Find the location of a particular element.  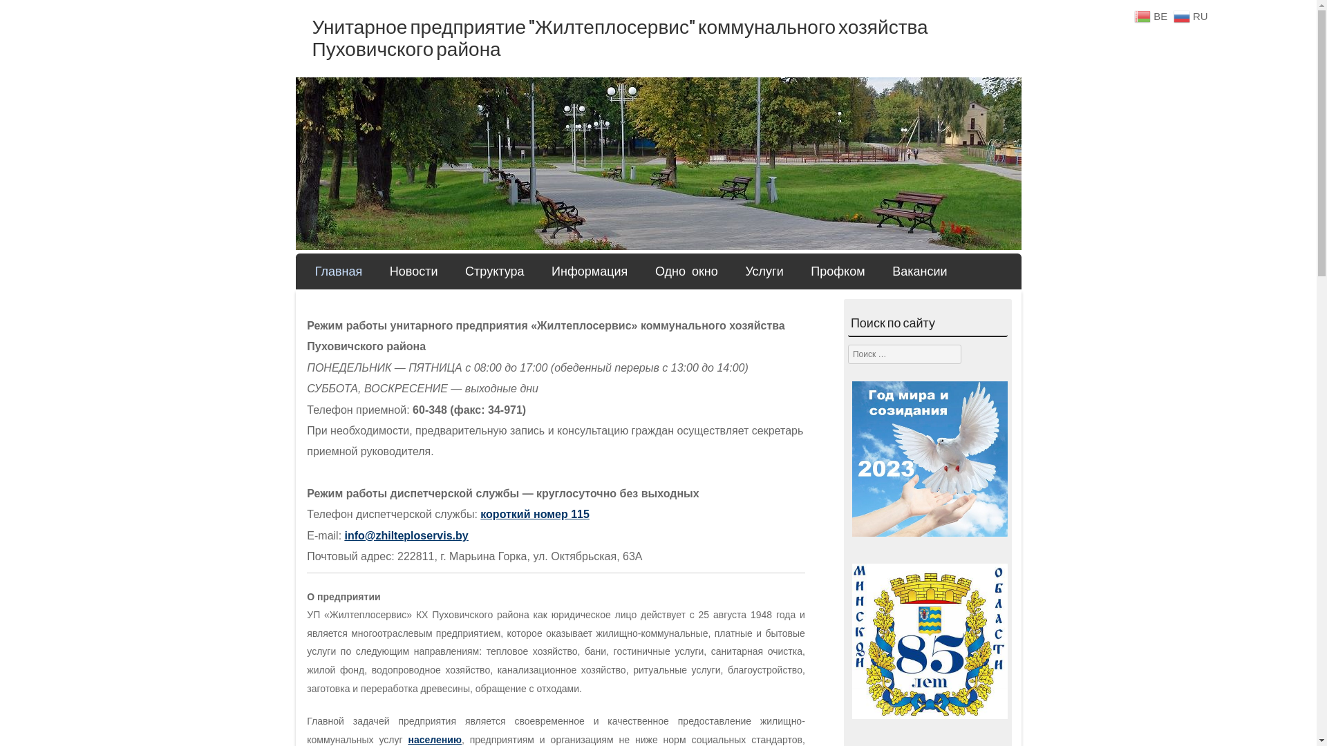

'RU' is located at coordinates (1192, 16).